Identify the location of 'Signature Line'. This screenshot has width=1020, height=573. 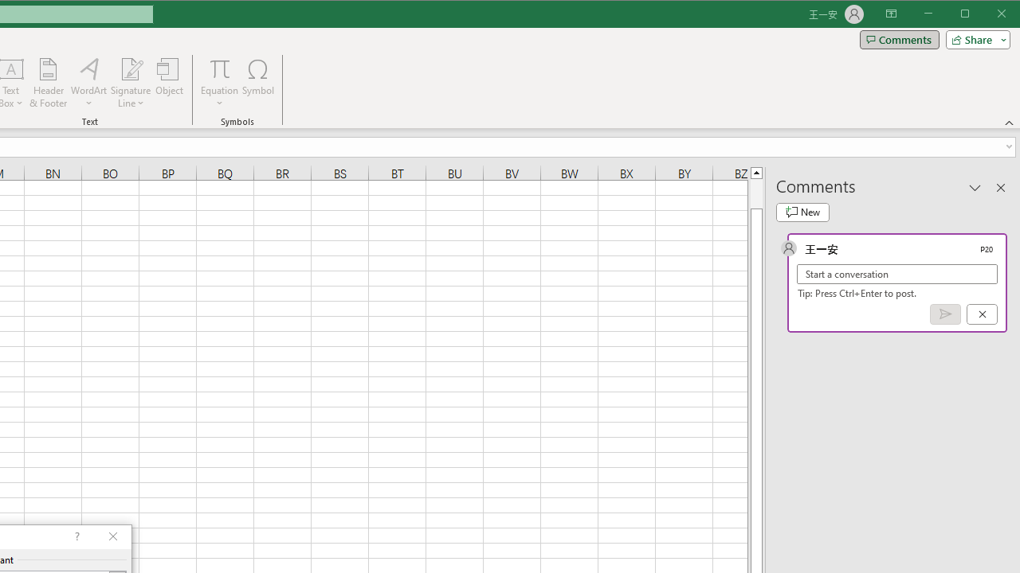
(131, 83).